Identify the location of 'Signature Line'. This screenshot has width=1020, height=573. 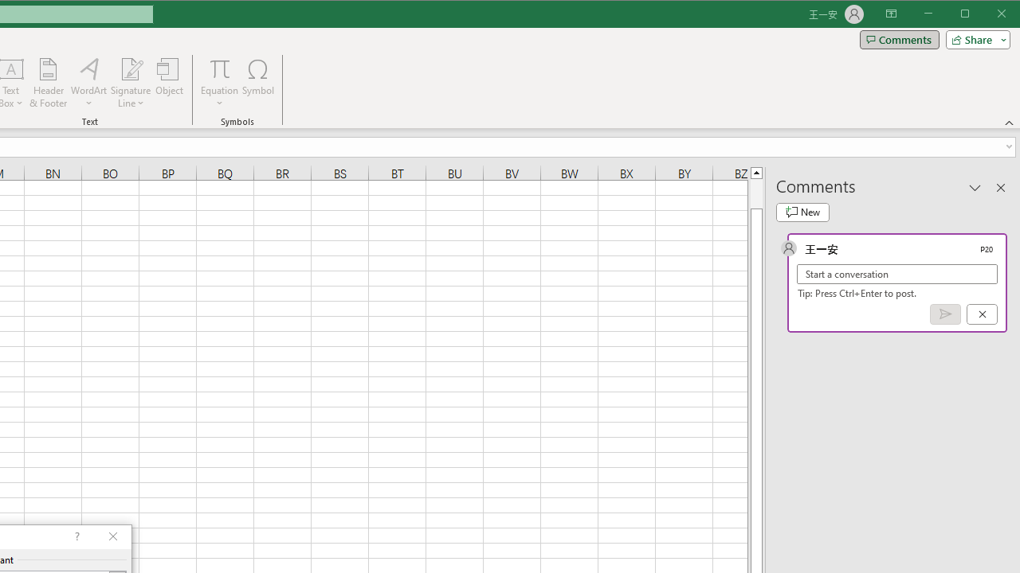
(131, 83).